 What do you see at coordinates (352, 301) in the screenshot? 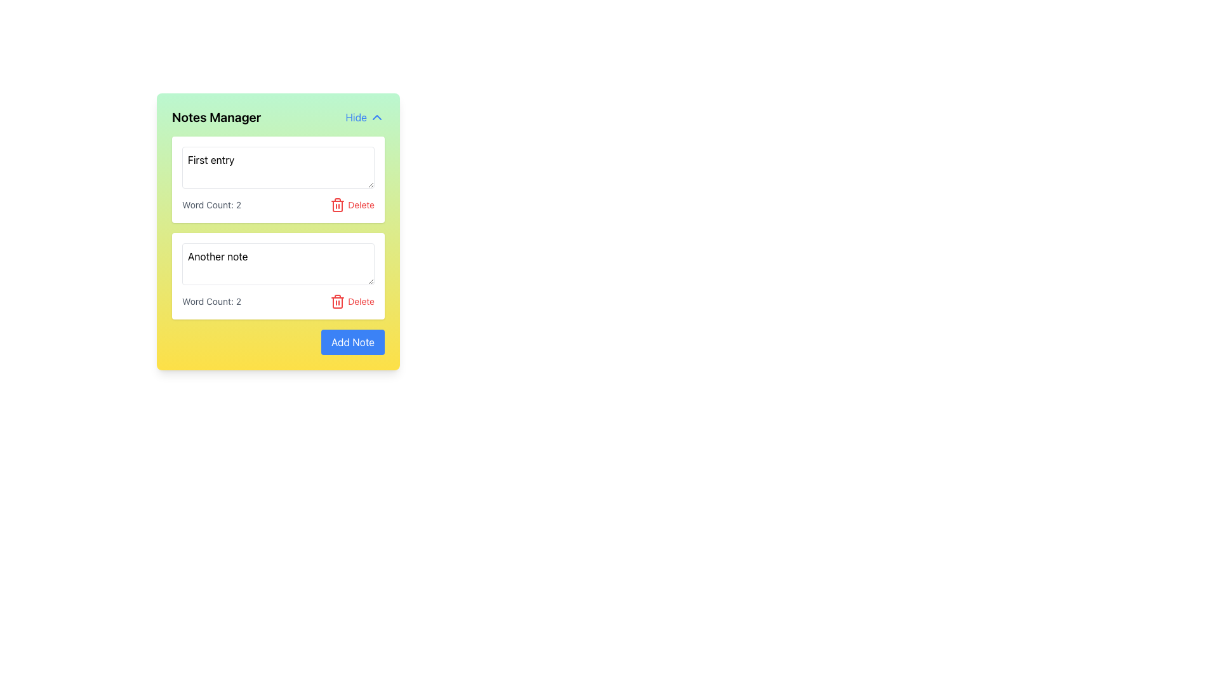
I see `the second 'Delete' button, which consists of a trash bin icon and the text 'Delete' in red font, located to the right of the 'Word Count: 2' label in the note management panel` at bounding box center [352, 301].